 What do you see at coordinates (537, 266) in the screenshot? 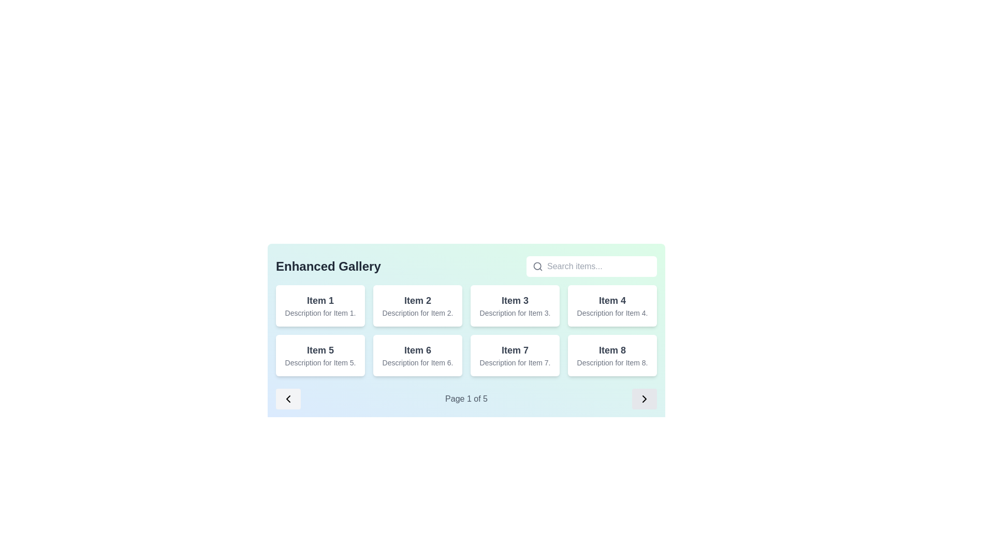
I see `the circular component of the search icon located within the search input field at the top-right corner of the application interface` at bounding box center [537, 266].